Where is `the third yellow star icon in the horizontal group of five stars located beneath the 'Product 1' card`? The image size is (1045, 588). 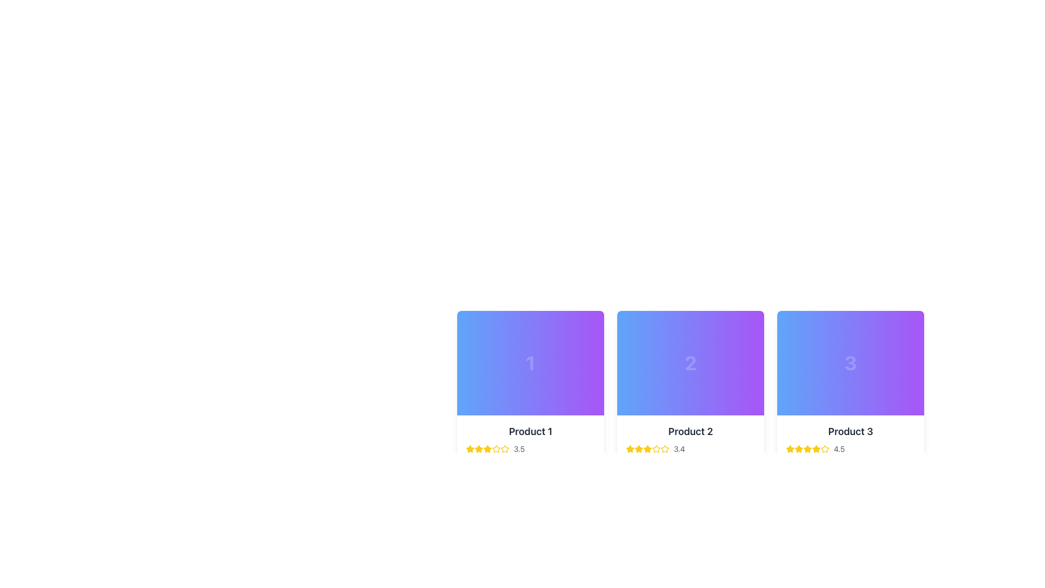 the third yellow star icon in the horizontal group of five stars located beneath the 'Product 1' card is located at coordinates (487, 449).